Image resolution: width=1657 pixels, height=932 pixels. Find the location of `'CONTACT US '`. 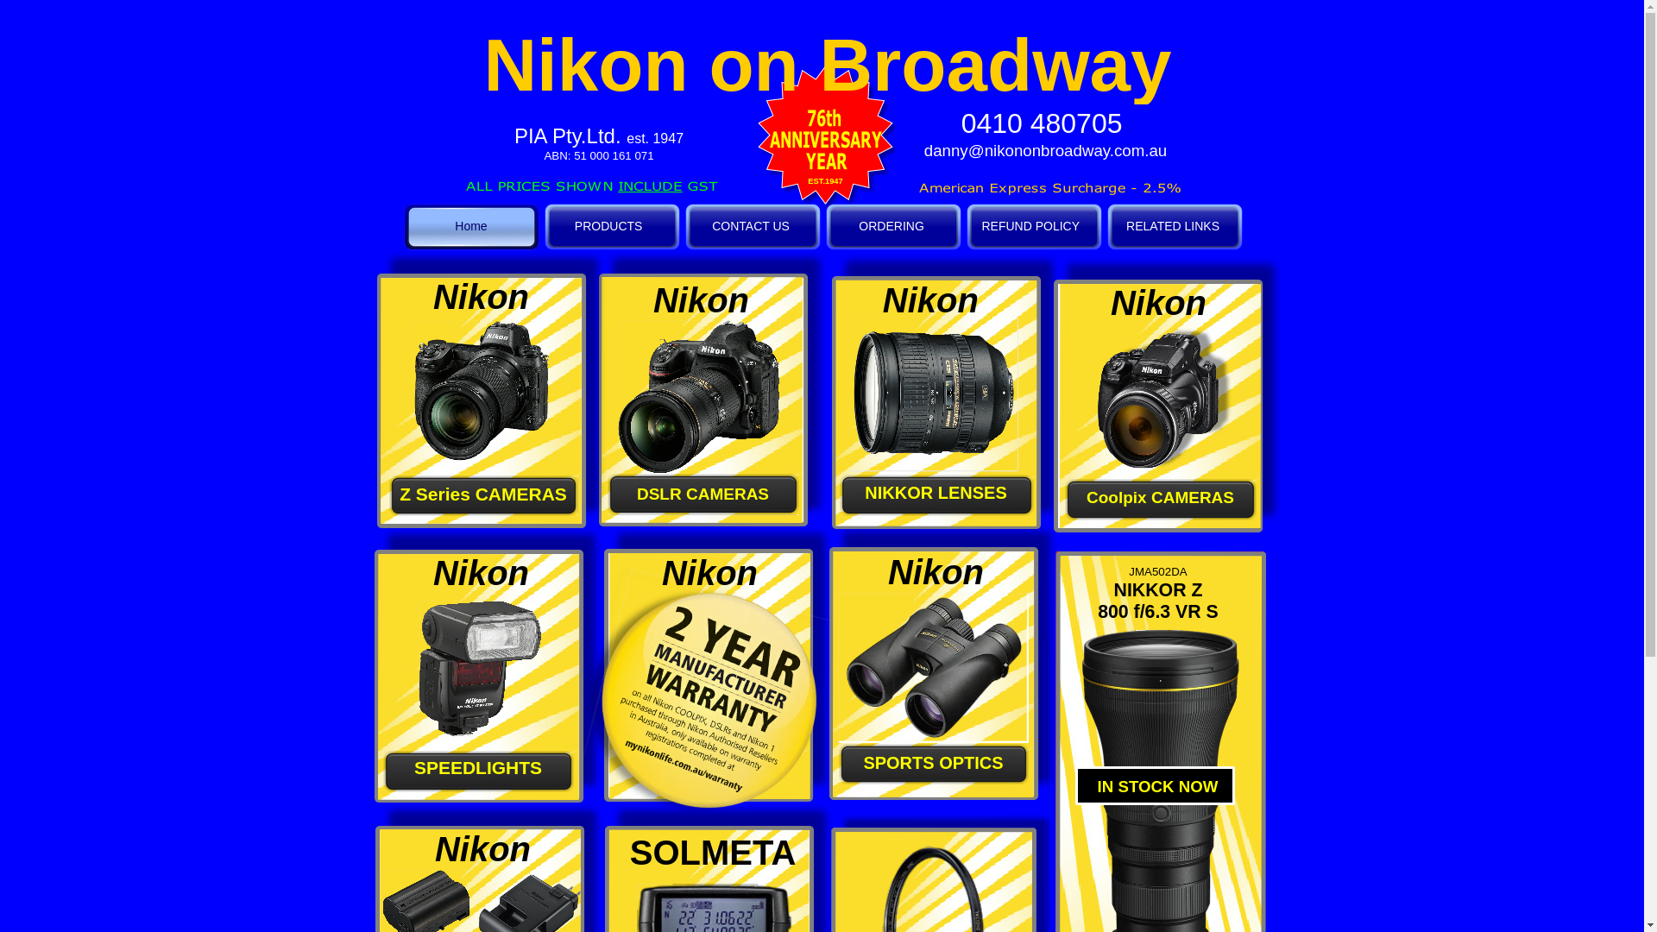

'CONTACT US ' is located at coordinates (752, 225).